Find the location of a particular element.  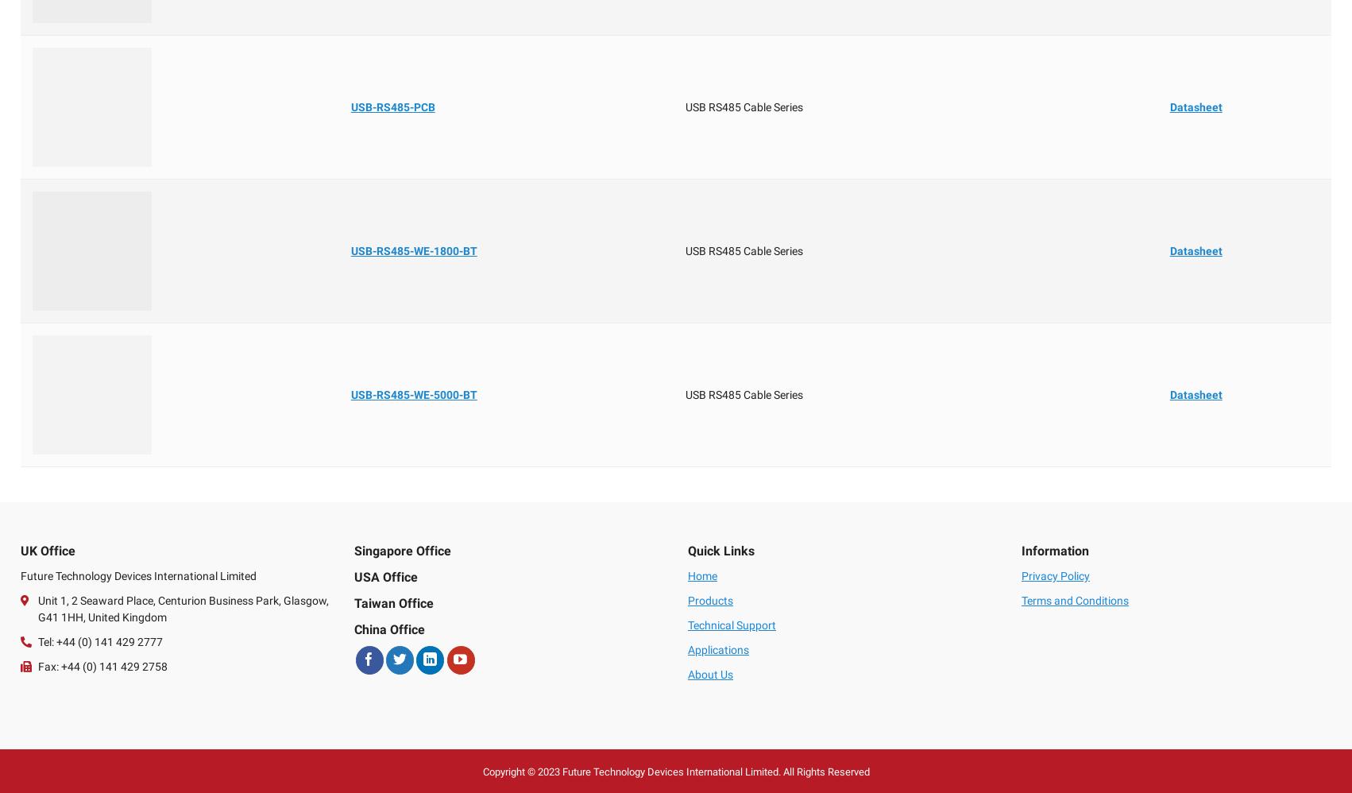

'Future Technology Devices International Limited' is located at coordinates (137, 576).